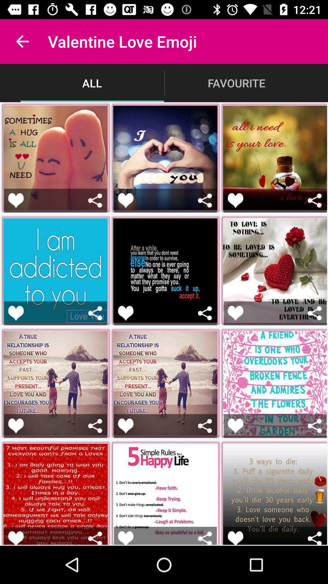 This screenshot has width=328, height=584. What do you see at coordinates (15, 313) in the screenshot?
I see `like the post` at bounding box center [15, 313].